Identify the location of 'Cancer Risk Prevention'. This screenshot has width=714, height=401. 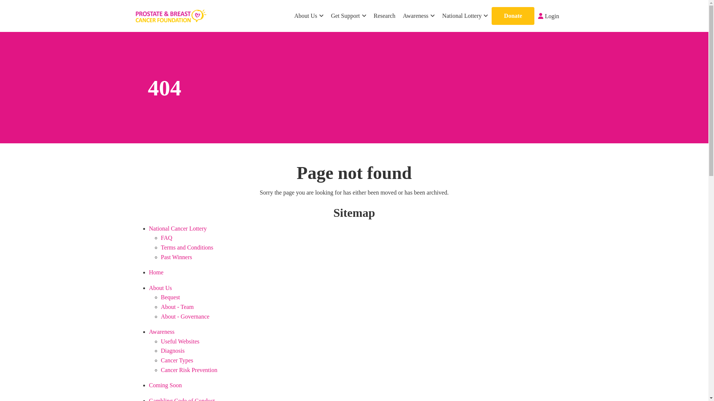
(189, 370).